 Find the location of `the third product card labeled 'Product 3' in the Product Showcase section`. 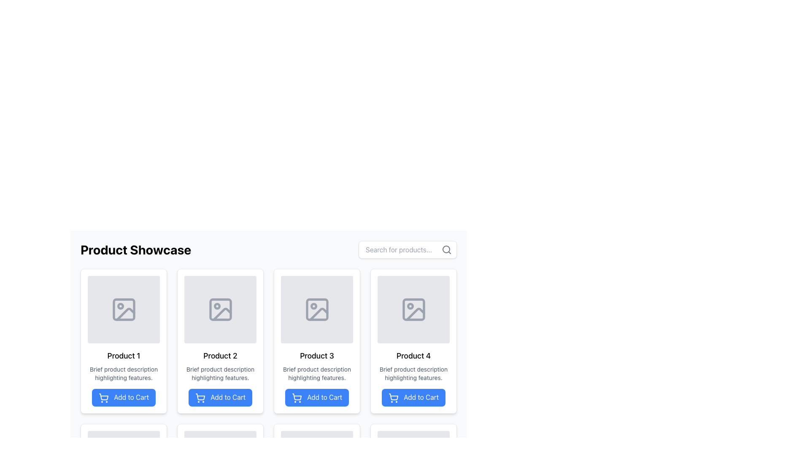

the third product card labeled 'Product 3' in the Product Showcase section is located at coordinates (316, 340).